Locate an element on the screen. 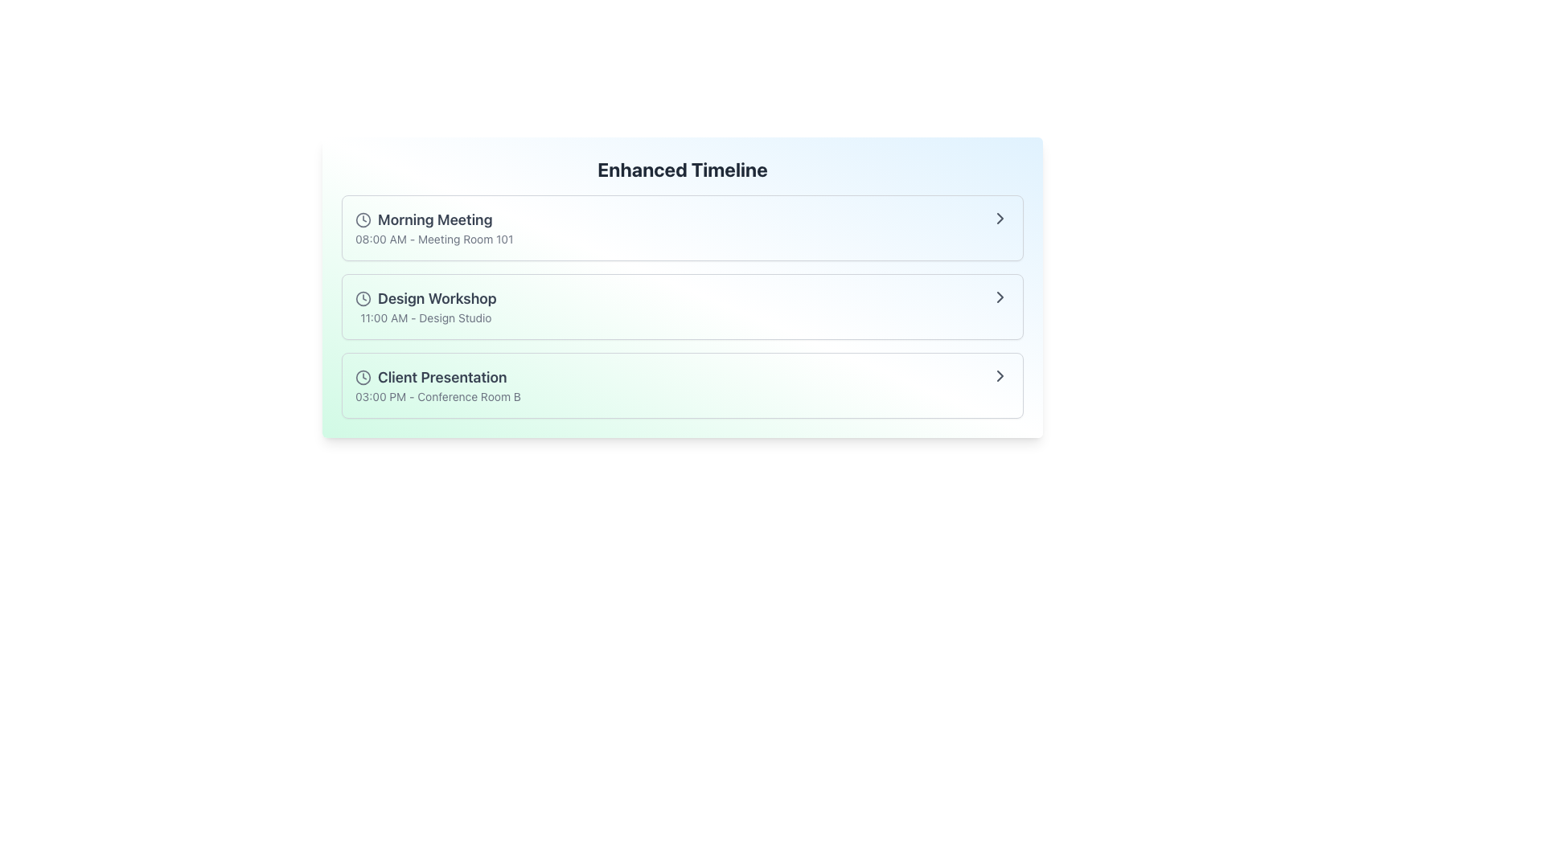 The image size is (1544, 868). the clock icon, which is a circular outline with two internal lines resembling clock hands, located in the 'Client Presentation' section adjacent to the text 'Client Presentation' is located at coordinates (362, 378).